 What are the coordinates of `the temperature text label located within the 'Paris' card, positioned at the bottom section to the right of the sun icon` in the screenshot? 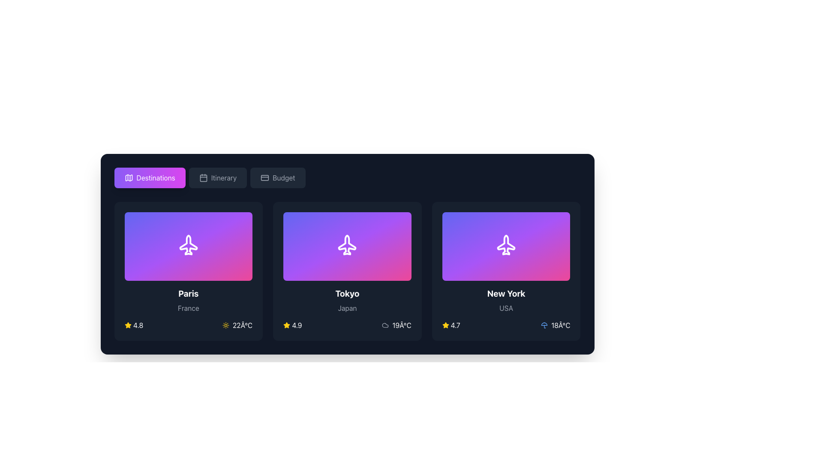 It's located at (242, 325).